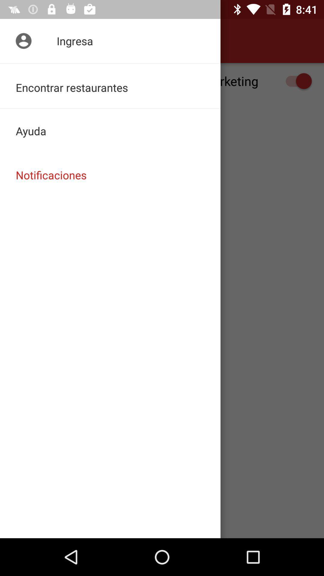  What do you see at coordinates (110, 130) in the screenshot?
I see `the icon above the notificaciones icon` at bounding box center [110, 130].